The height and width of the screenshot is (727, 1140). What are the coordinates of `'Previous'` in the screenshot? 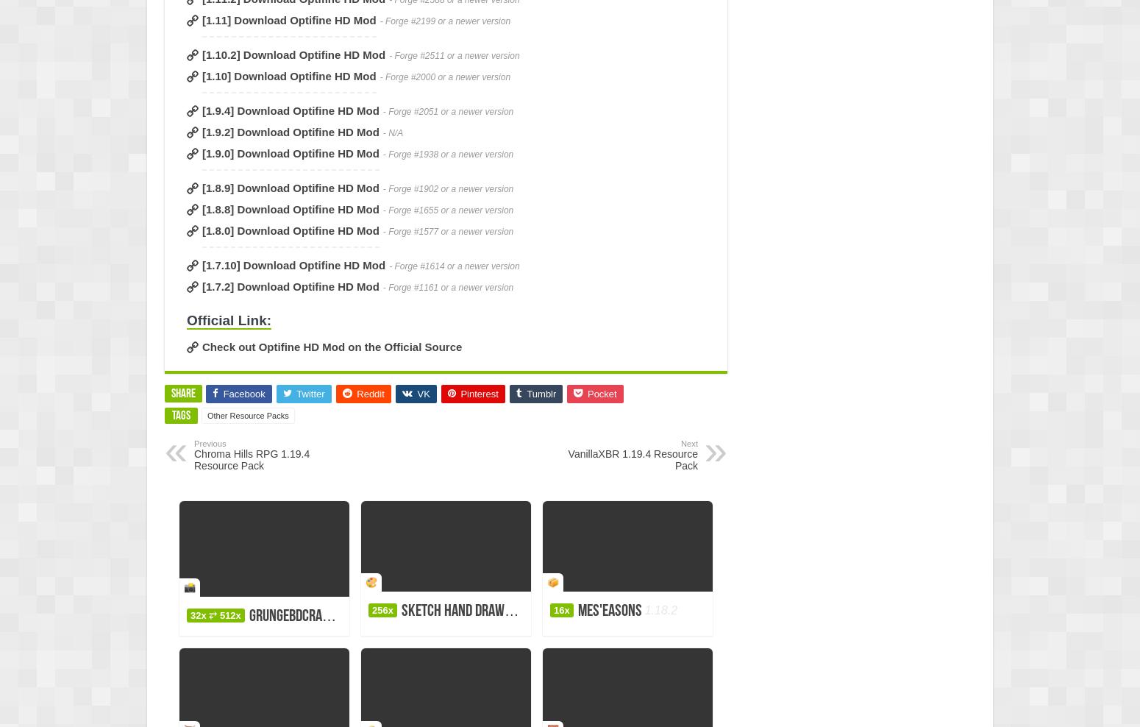 It's located at (210, 443).